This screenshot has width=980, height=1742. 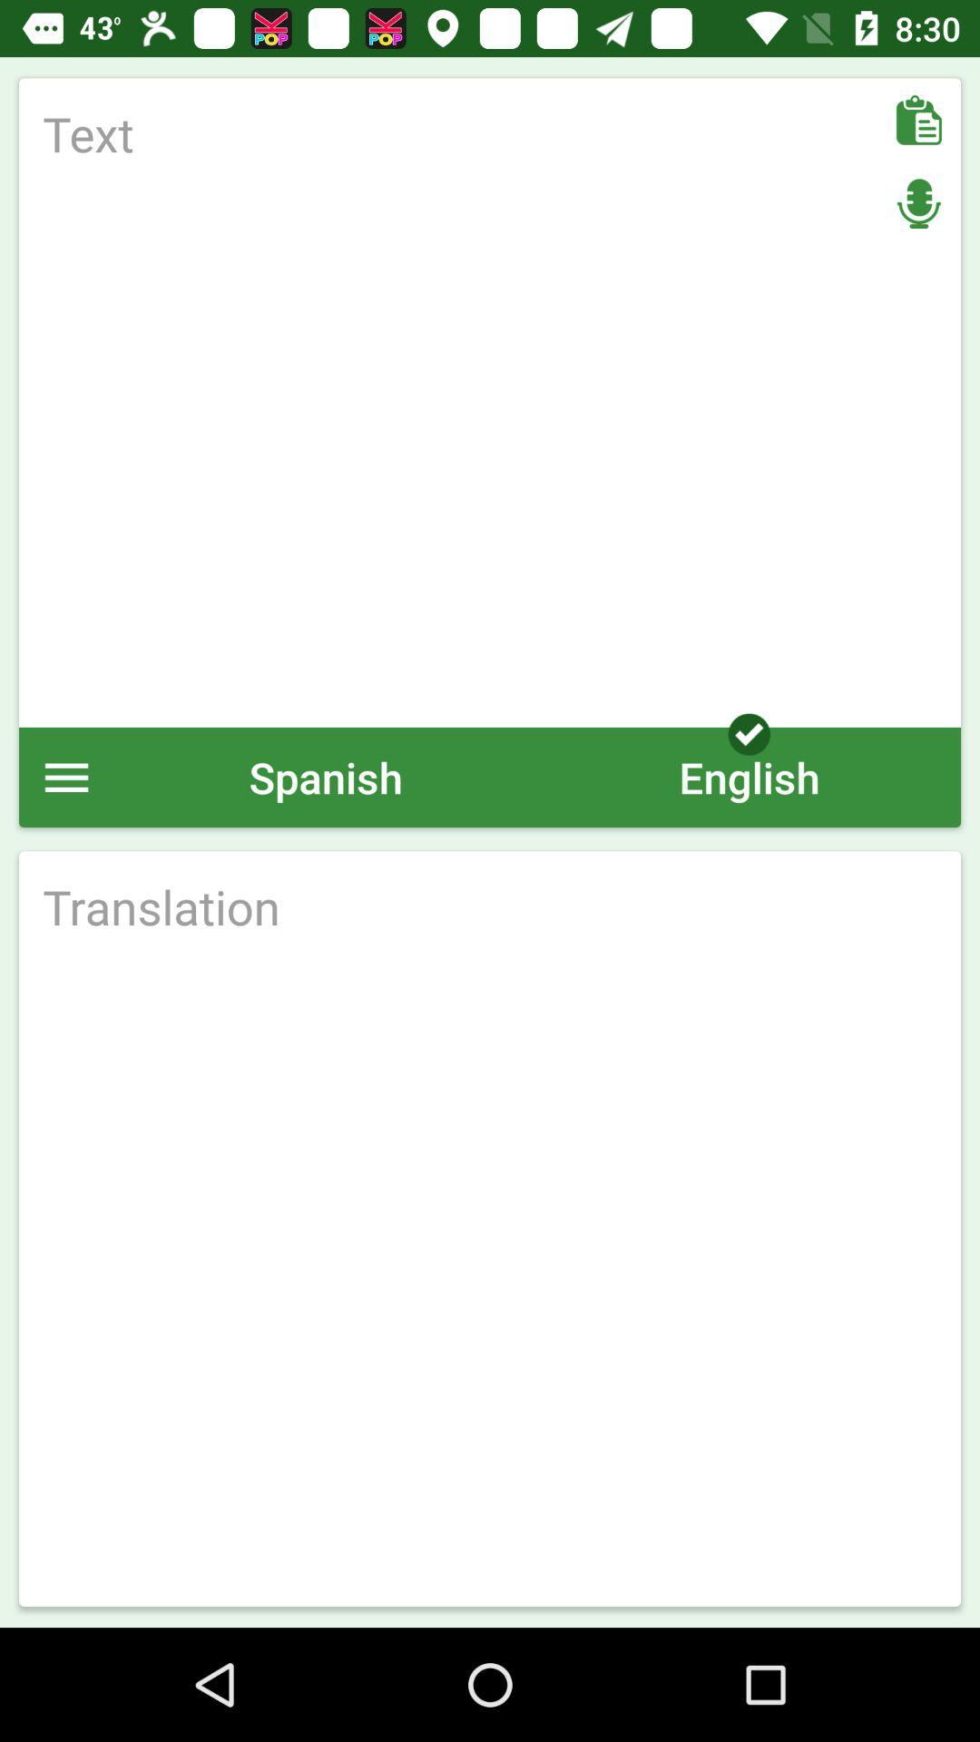 I want to click on audio button, so click(x=918, y=203).